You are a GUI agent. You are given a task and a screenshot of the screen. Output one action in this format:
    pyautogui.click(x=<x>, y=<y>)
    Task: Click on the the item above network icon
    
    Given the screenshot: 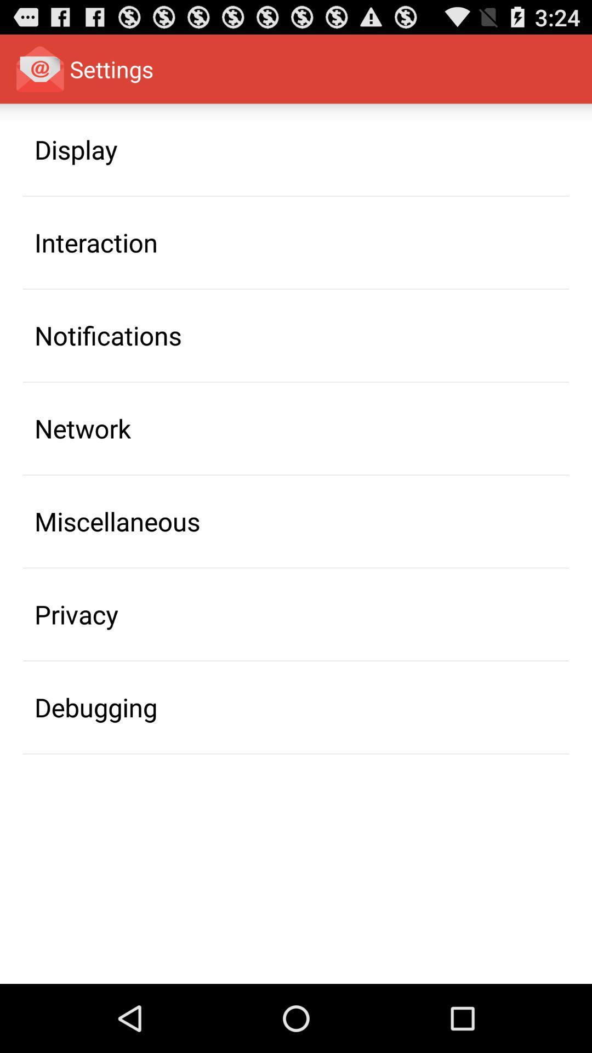 What is the action you would take?
    pyautogui.click(x=108, y=335)
    